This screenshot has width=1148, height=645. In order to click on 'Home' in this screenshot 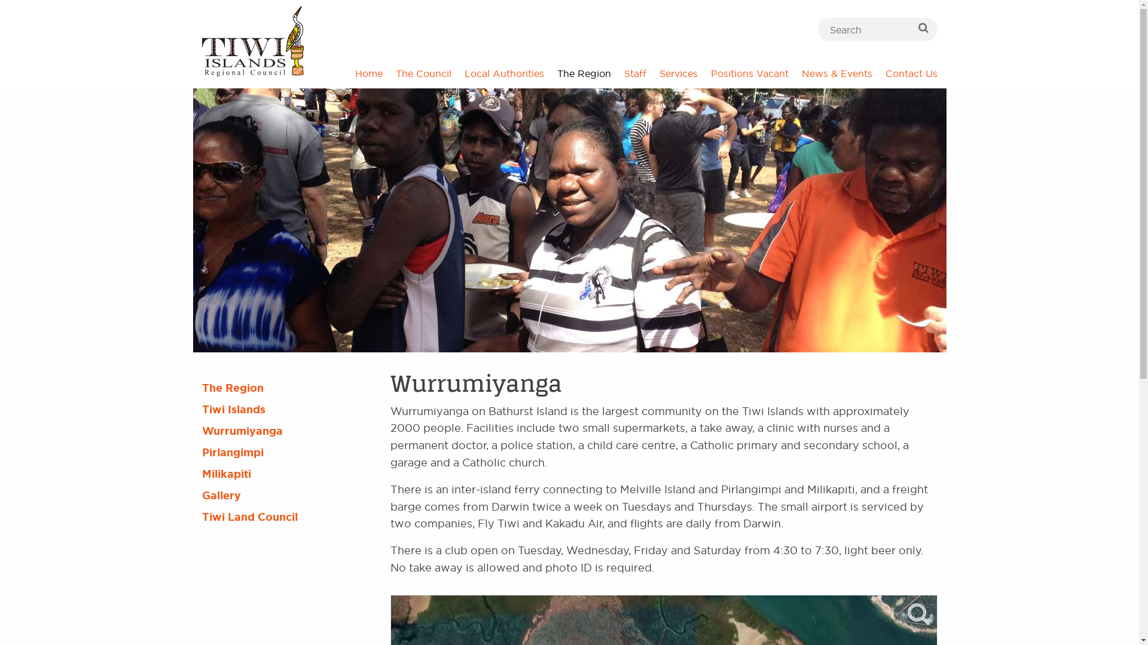, I will do `click(367, 73)`.